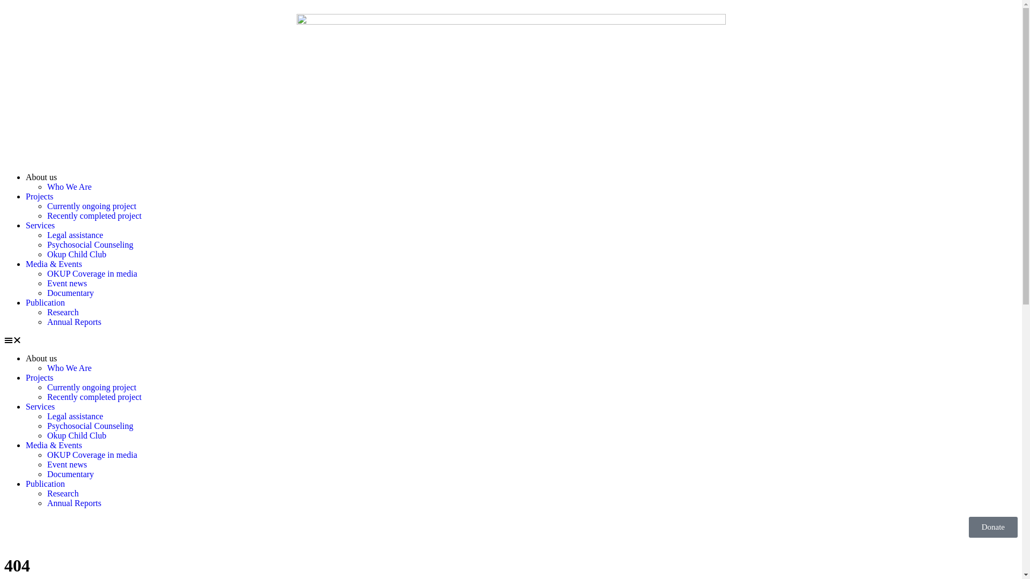  Describe the element at coordinates (92, 455) in the screenshot. I see `'OKUP Coverage in media'` at that location.